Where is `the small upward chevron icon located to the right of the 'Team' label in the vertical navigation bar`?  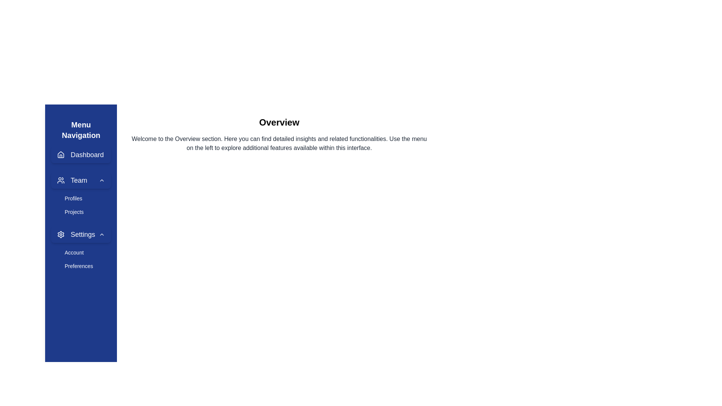 the small upward chevron icon located to the right of the 'Team' label in the vertical navigation bar is located at coordinates (102, 180).